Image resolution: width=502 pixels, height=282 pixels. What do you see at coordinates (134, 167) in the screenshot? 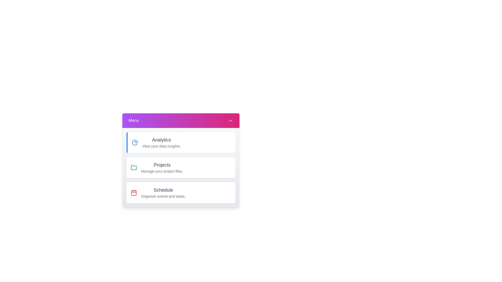
I see `the icon of the menu item labeled Projects` at bounding box center [134, 167].